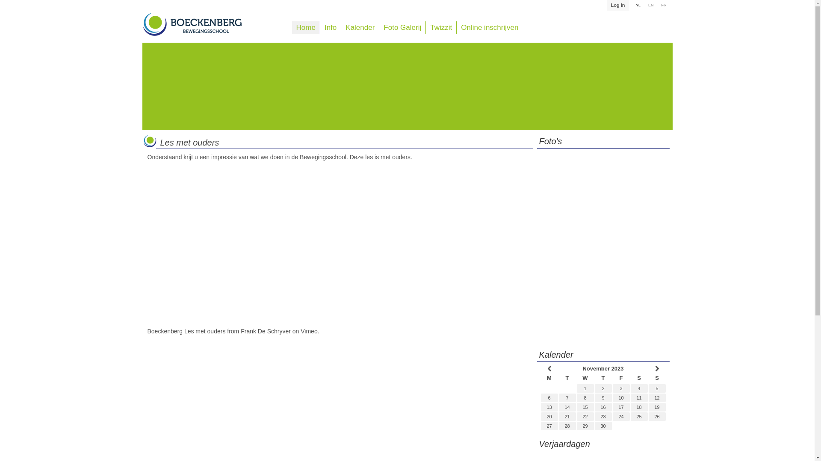 This screenshot has width=821, height=461. Describe the element at coordinates (345, 27) in the screenshot. I see `'Kalender'` at that location.